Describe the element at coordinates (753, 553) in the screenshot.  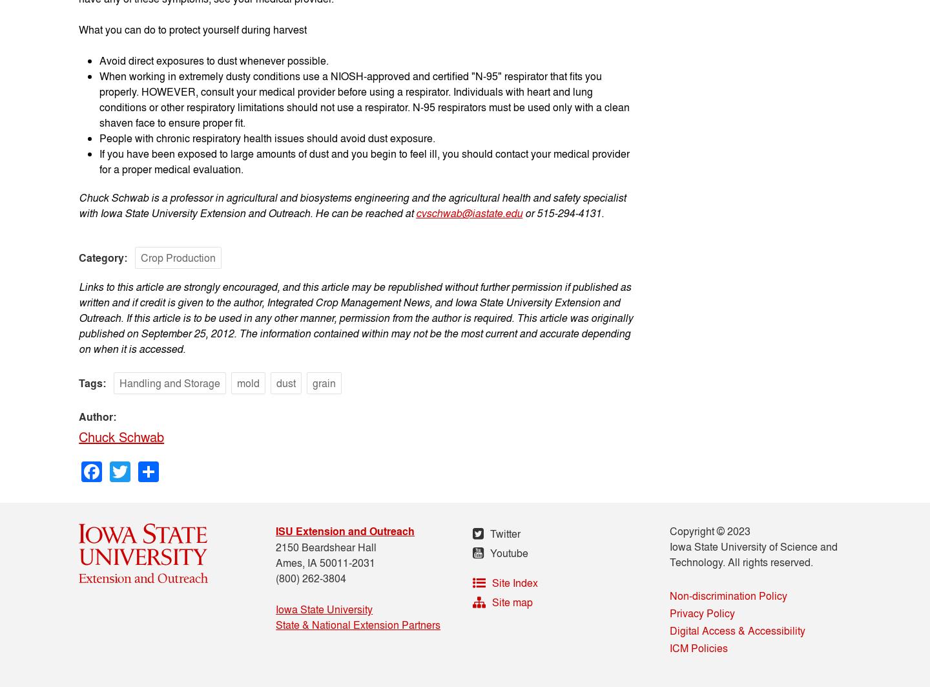
I see `'Iowa State University of Science and Technology. All rights reserved.'` at that location.